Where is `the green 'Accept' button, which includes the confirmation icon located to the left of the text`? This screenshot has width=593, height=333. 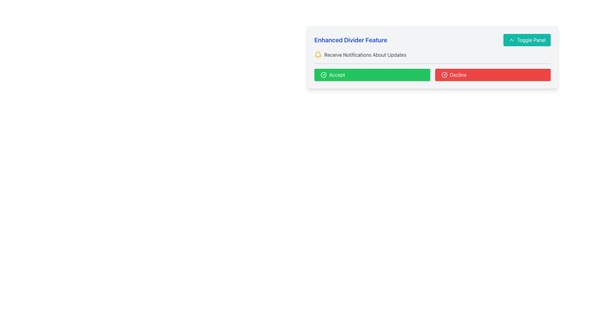
the green 'Accept' button, which includes the confirmation icon located to the left of the text is located at coordinates (323, 75).